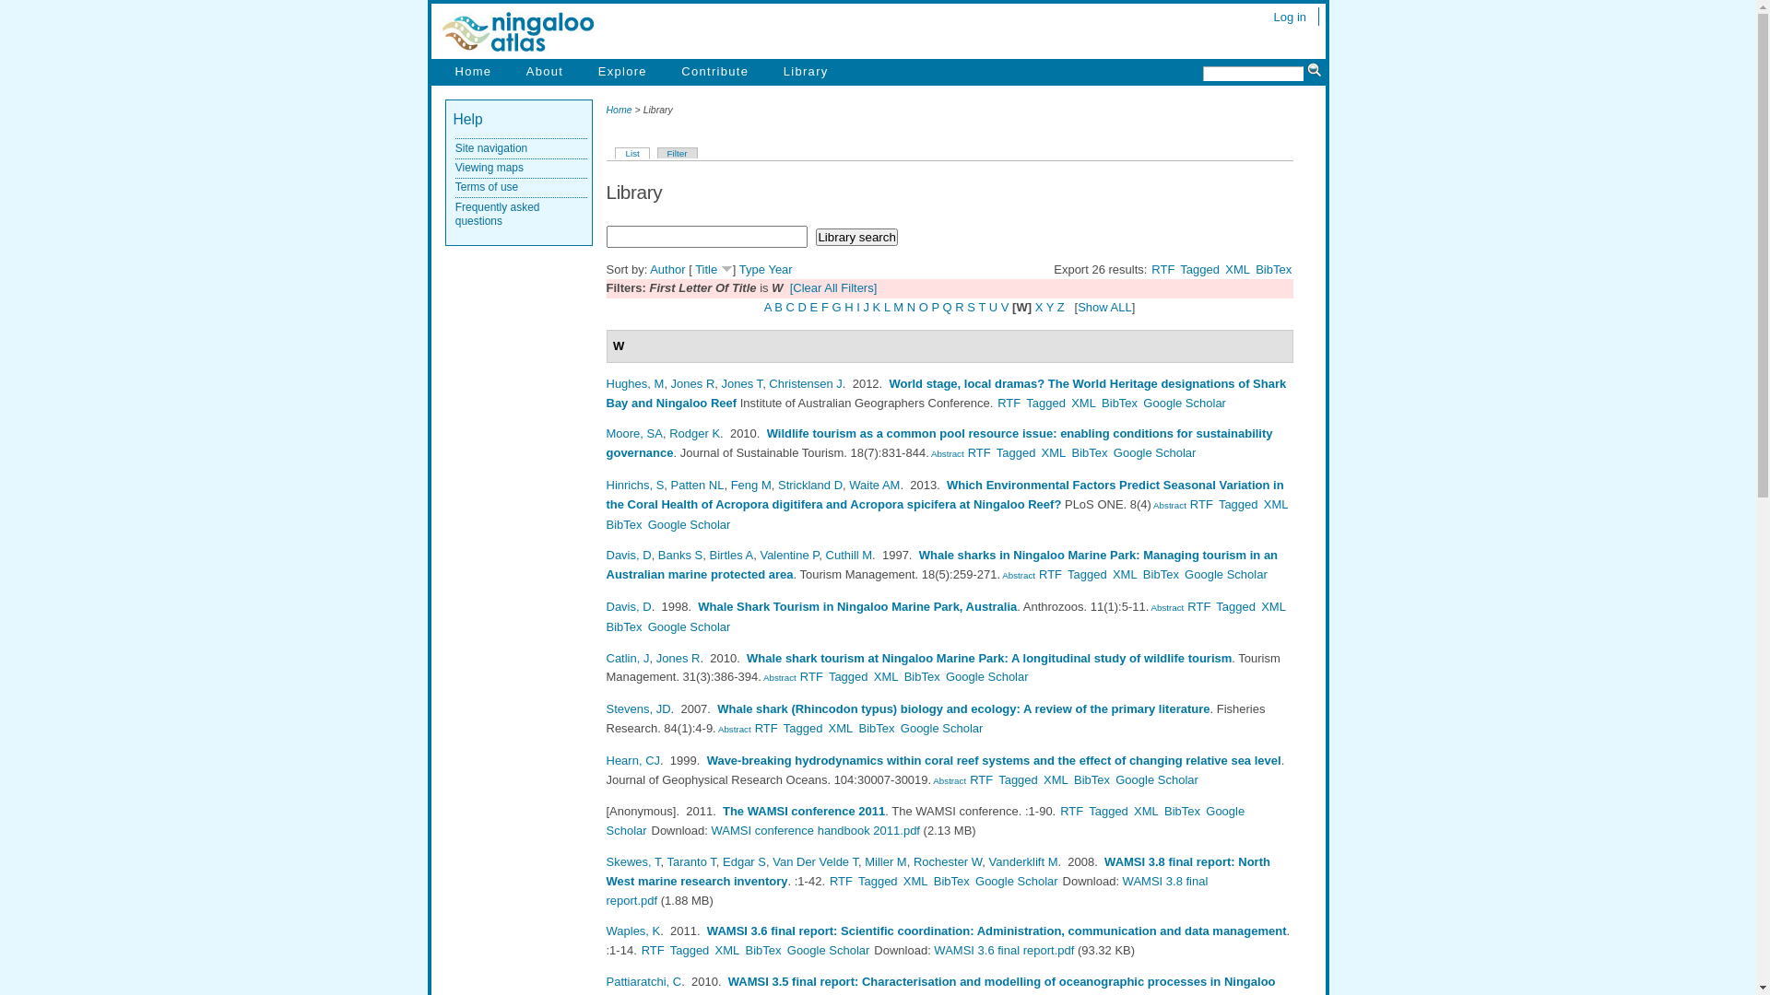  I want to click on 'Hinrichs, S', so click(606, 484).